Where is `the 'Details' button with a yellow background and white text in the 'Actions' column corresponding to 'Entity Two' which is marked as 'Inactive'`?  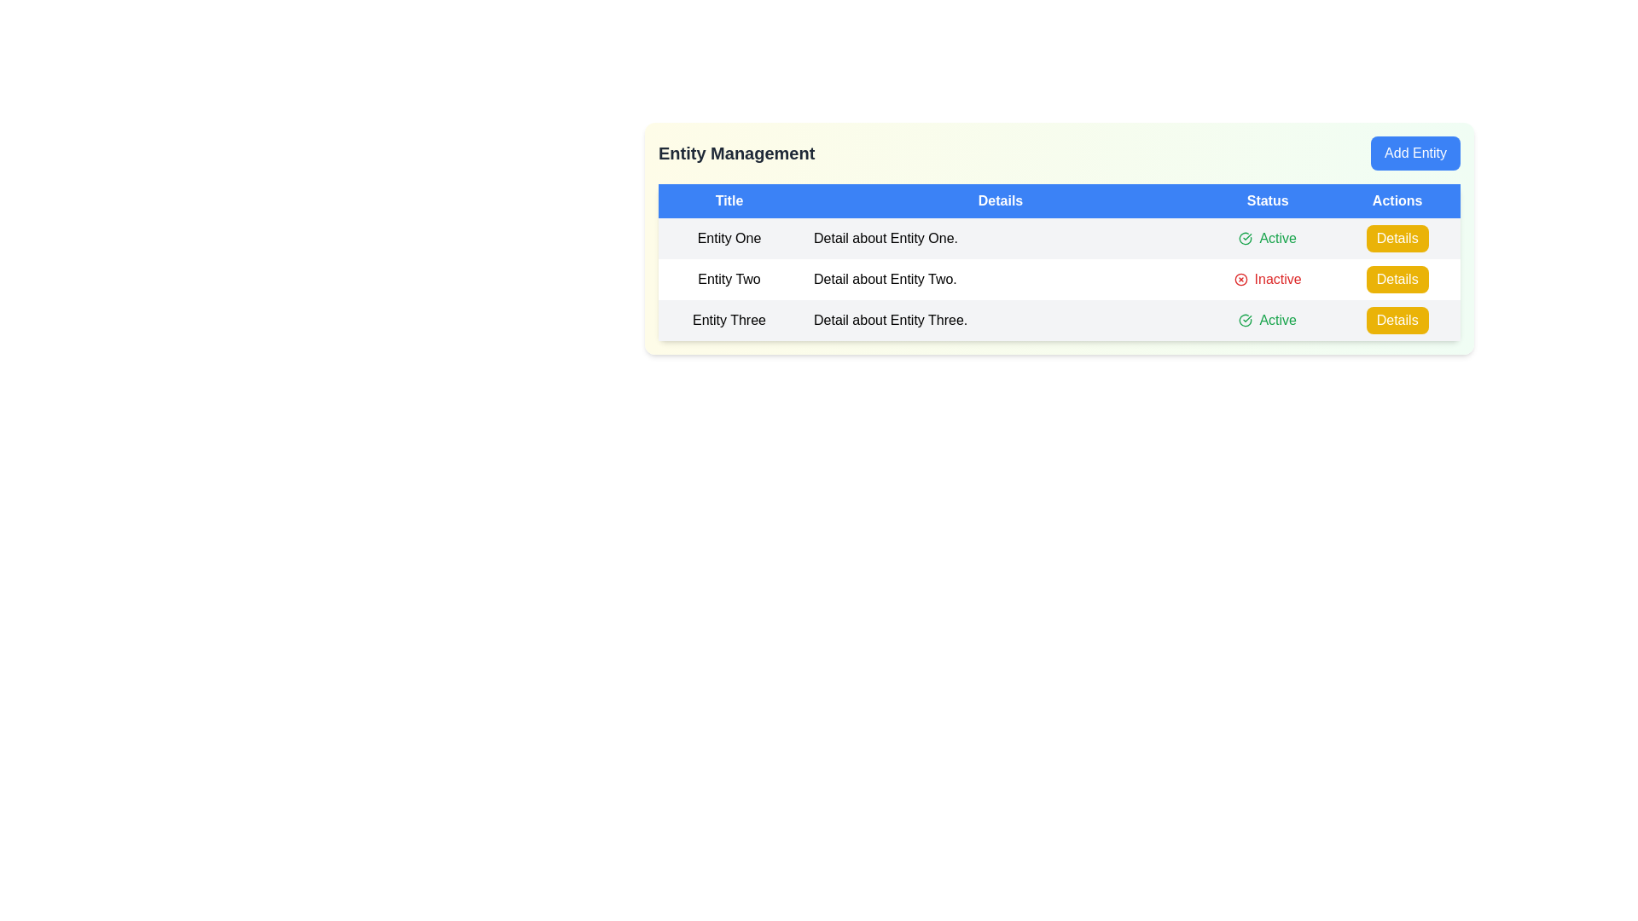 the 'Details' button with a yellow background and white text in the 'Actions' column corresponding to 'Entity Two' which is marked as 'Inactive' is located at coordinates (1397, 278).